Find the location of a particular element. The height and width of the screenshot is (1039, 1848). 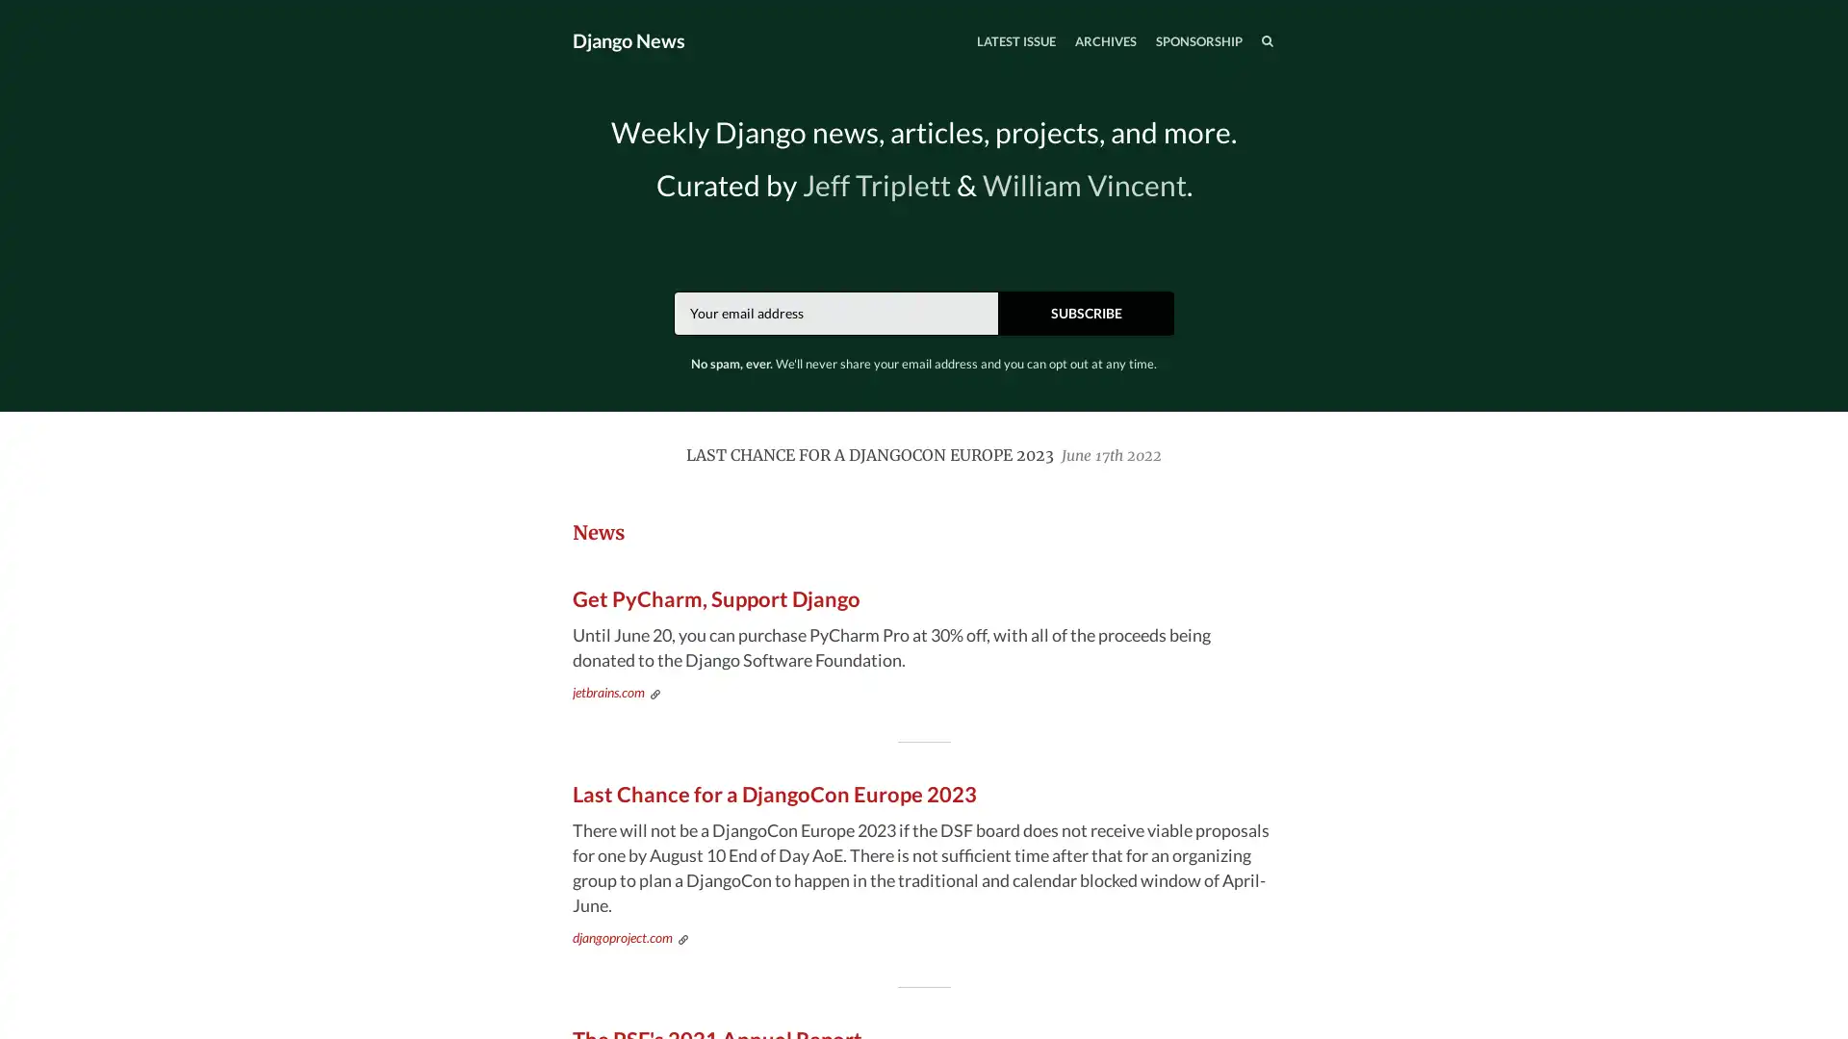

SUBSCRIBE is located at coordinates (1086, 311).